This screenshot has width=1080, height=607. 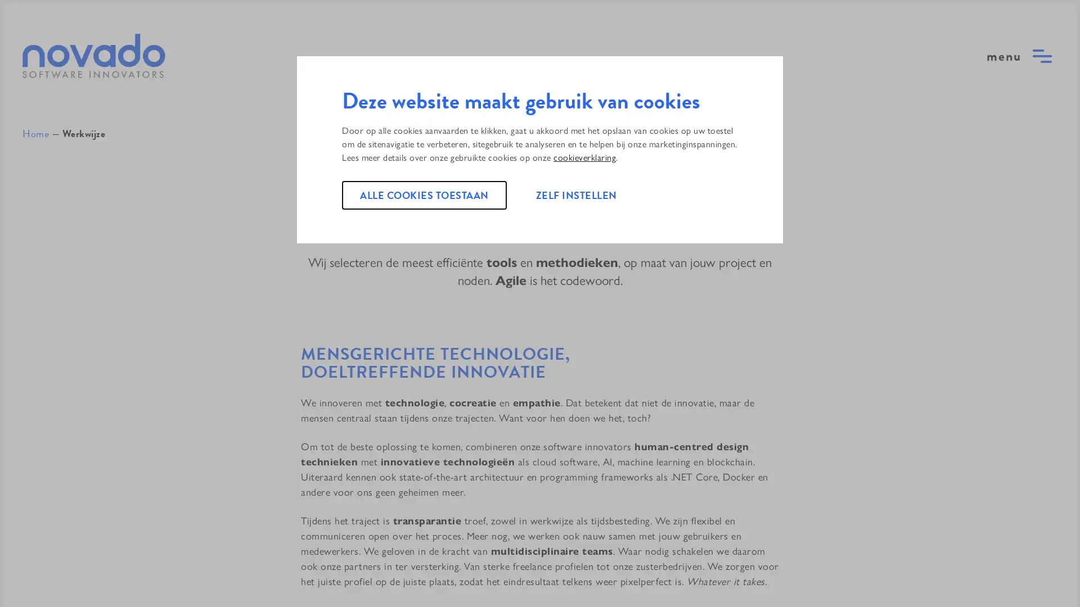 I want to click on ALLE COOKIES TOESTAAN, so click(x=423, y=194).